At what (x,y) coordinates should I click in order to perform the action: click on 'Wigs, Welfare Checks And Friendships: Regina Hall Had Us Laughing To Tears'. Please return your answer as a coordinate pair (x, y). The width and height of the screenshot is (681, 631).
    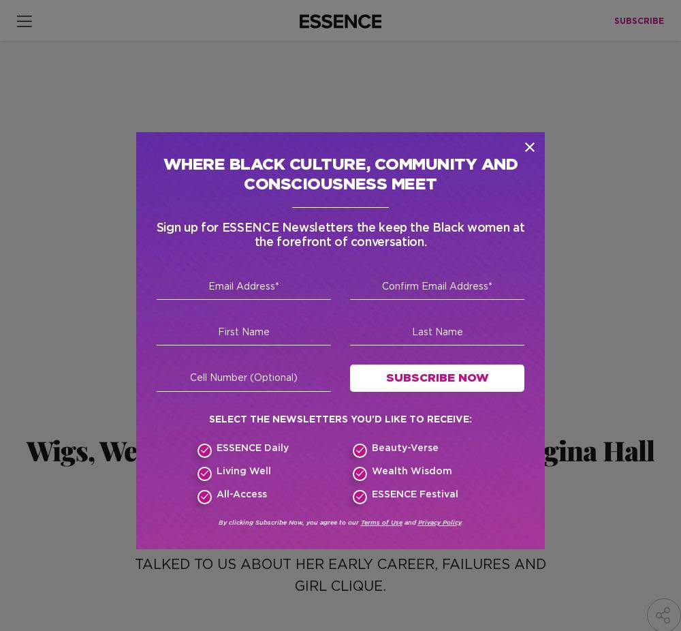
    Looking at the image, I should click on (339, 465).